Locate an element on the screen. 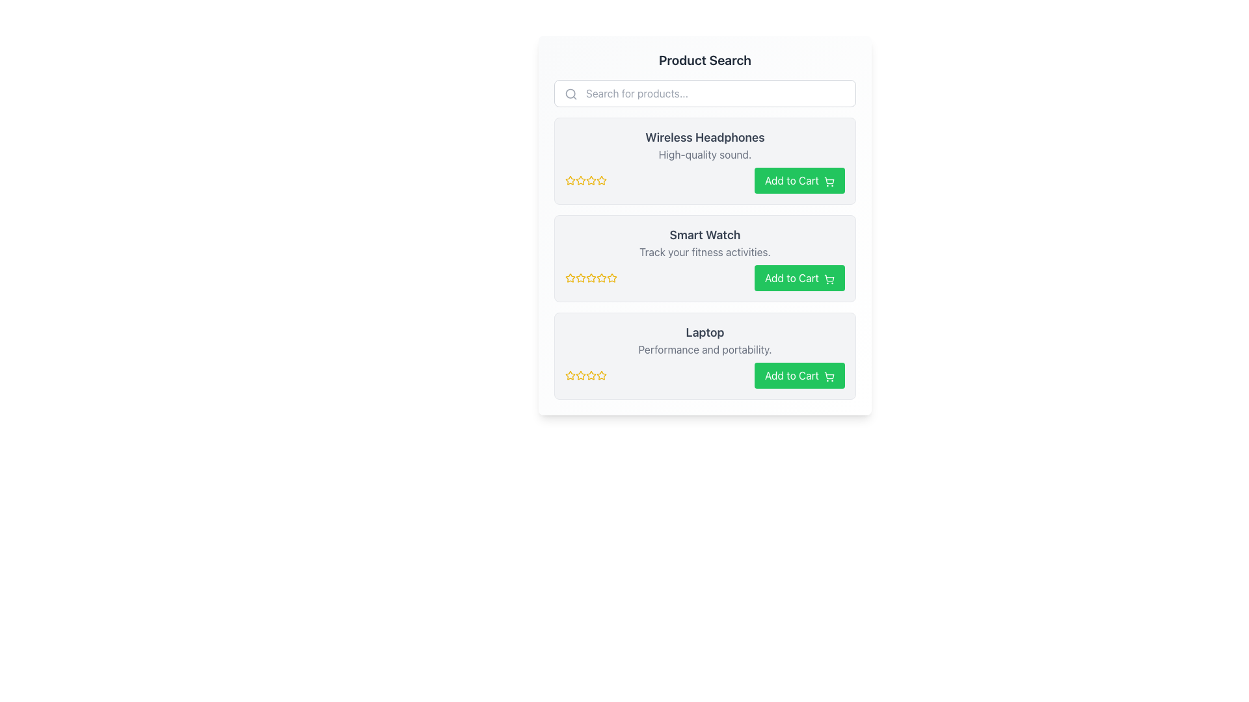 The image size is (1249, 702). the fourth yellow star icon in the star rating system located below the 'Smart Watch' product description is located at coordinates (590, 278).